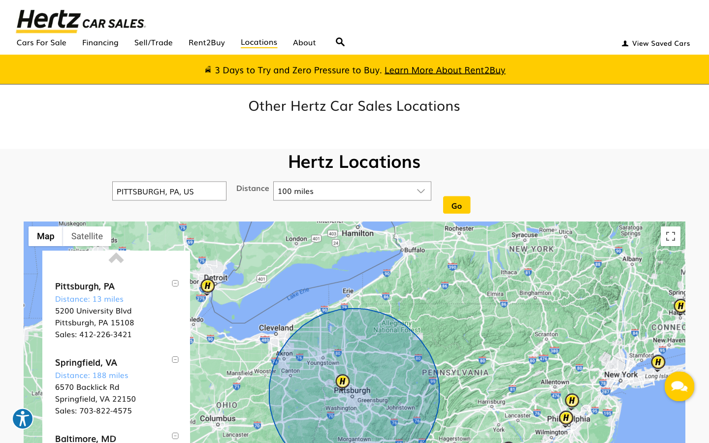  Describe the element at coordinates (445, 69) in the screenshot. I see `the section explaining rent2buy` at that location.